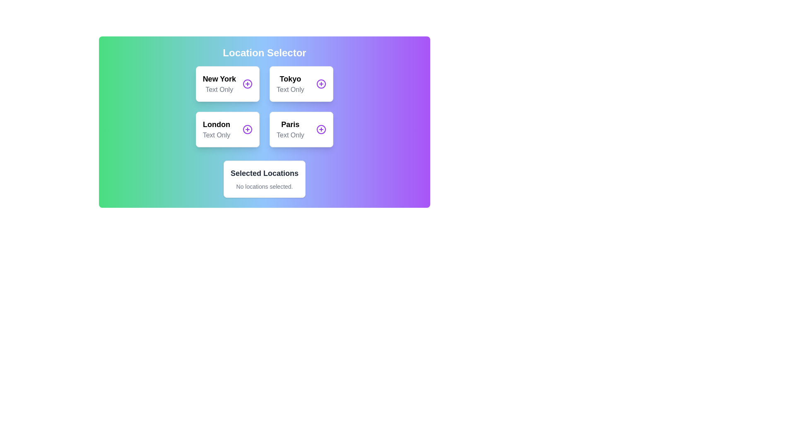  Describe the element at coordinates (247, 84) in the screenshot. I see `the button located at the top-right corner within the box labeled 'New York'` at that location.